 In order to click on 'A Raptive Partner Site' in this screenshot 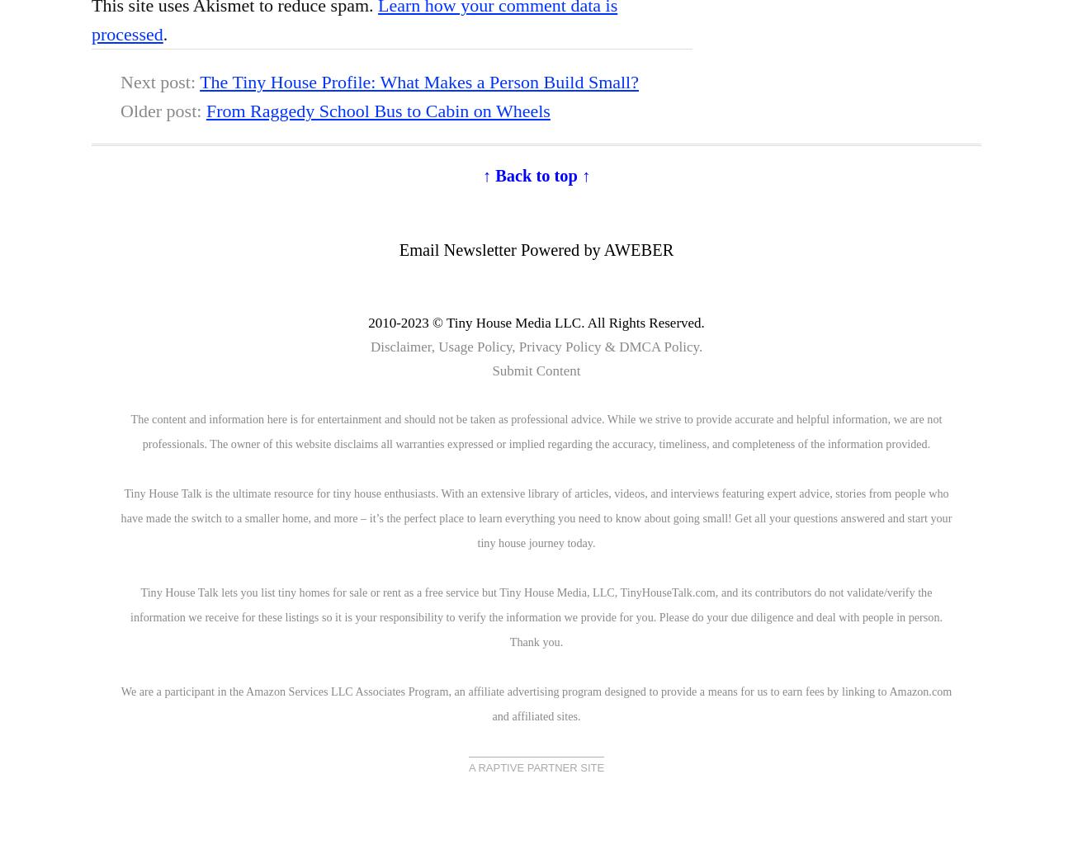, I will do `click(467, 767)`.